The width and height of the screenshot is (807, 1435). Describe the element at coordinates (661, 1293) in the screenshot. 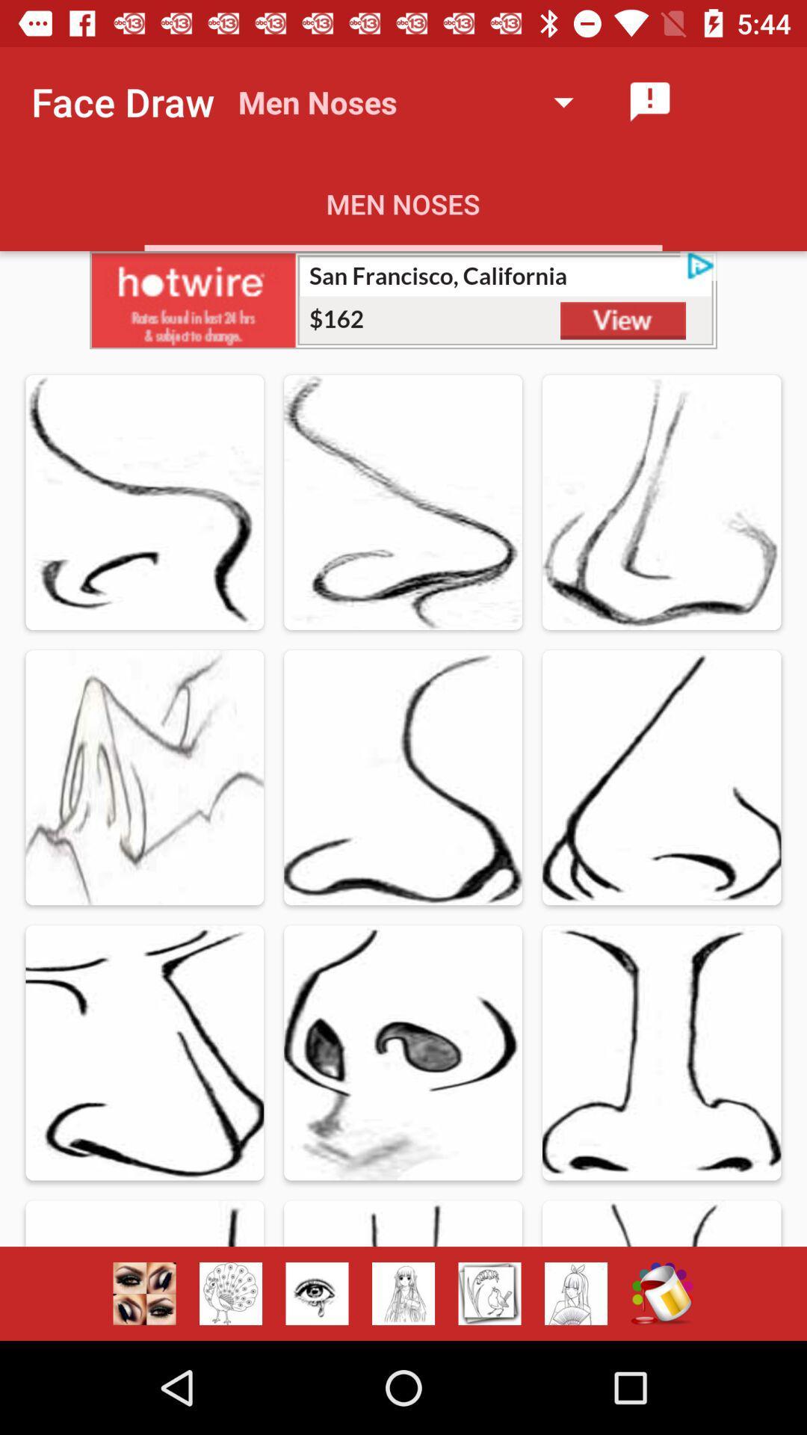

I see `colors button` at that location.